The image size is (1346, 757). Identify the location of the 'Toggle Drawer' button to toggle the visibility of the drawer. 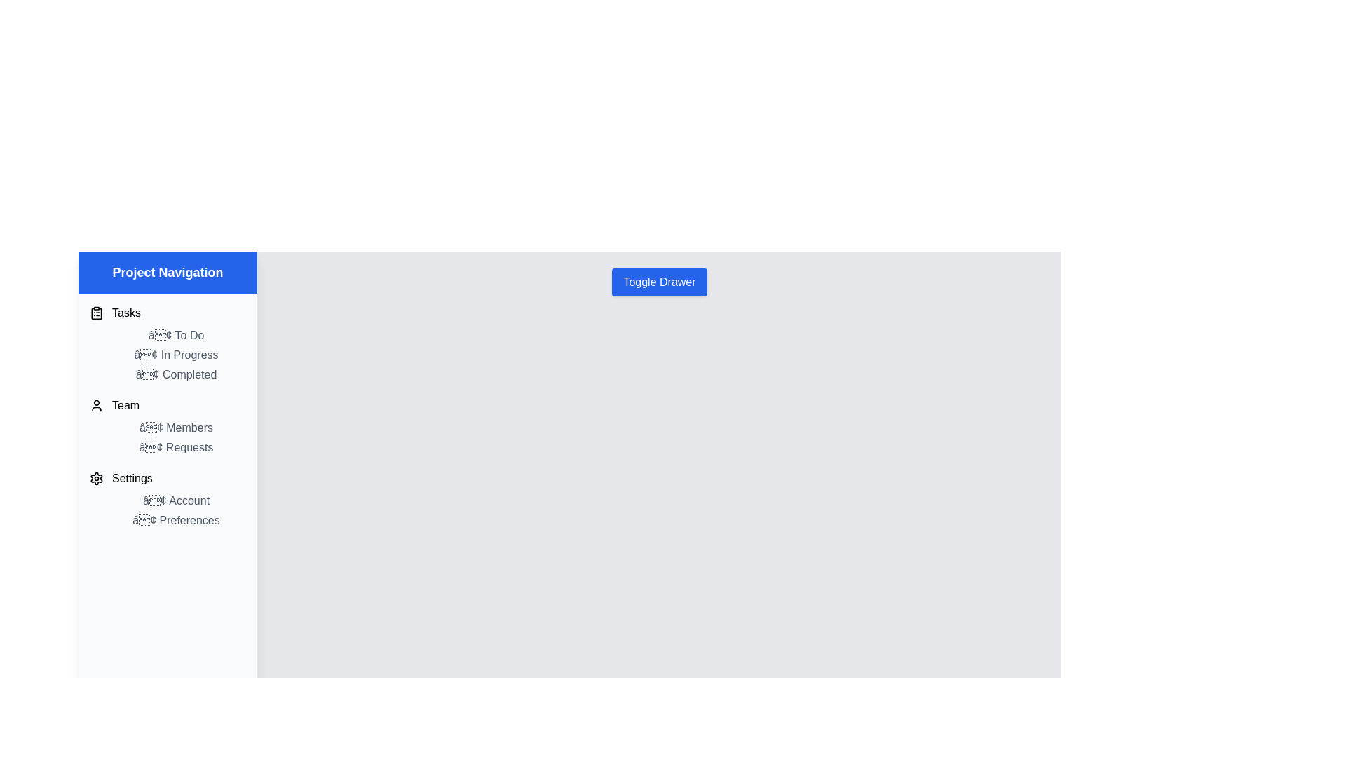
(658, 282).